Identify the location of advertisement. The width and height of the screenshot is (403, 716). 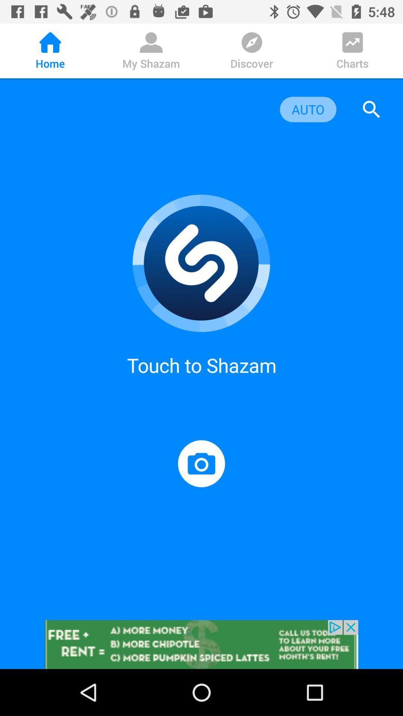
(201, 644).